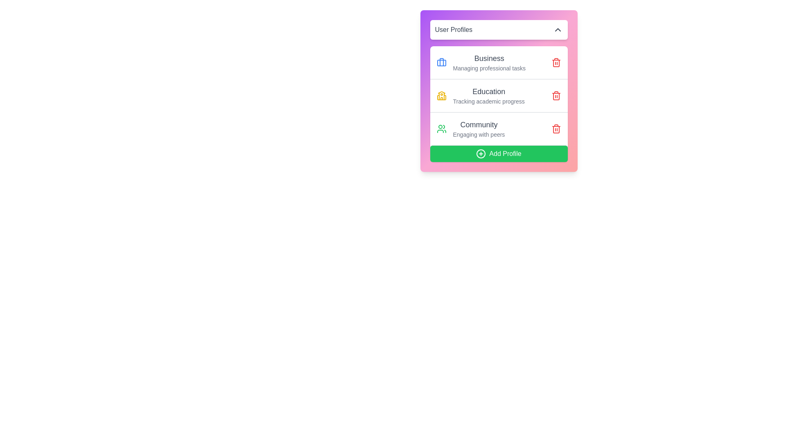  I want to click on the chevron-up icon at the far-right side of the 'User Profiles' header section, so click(557, 29).